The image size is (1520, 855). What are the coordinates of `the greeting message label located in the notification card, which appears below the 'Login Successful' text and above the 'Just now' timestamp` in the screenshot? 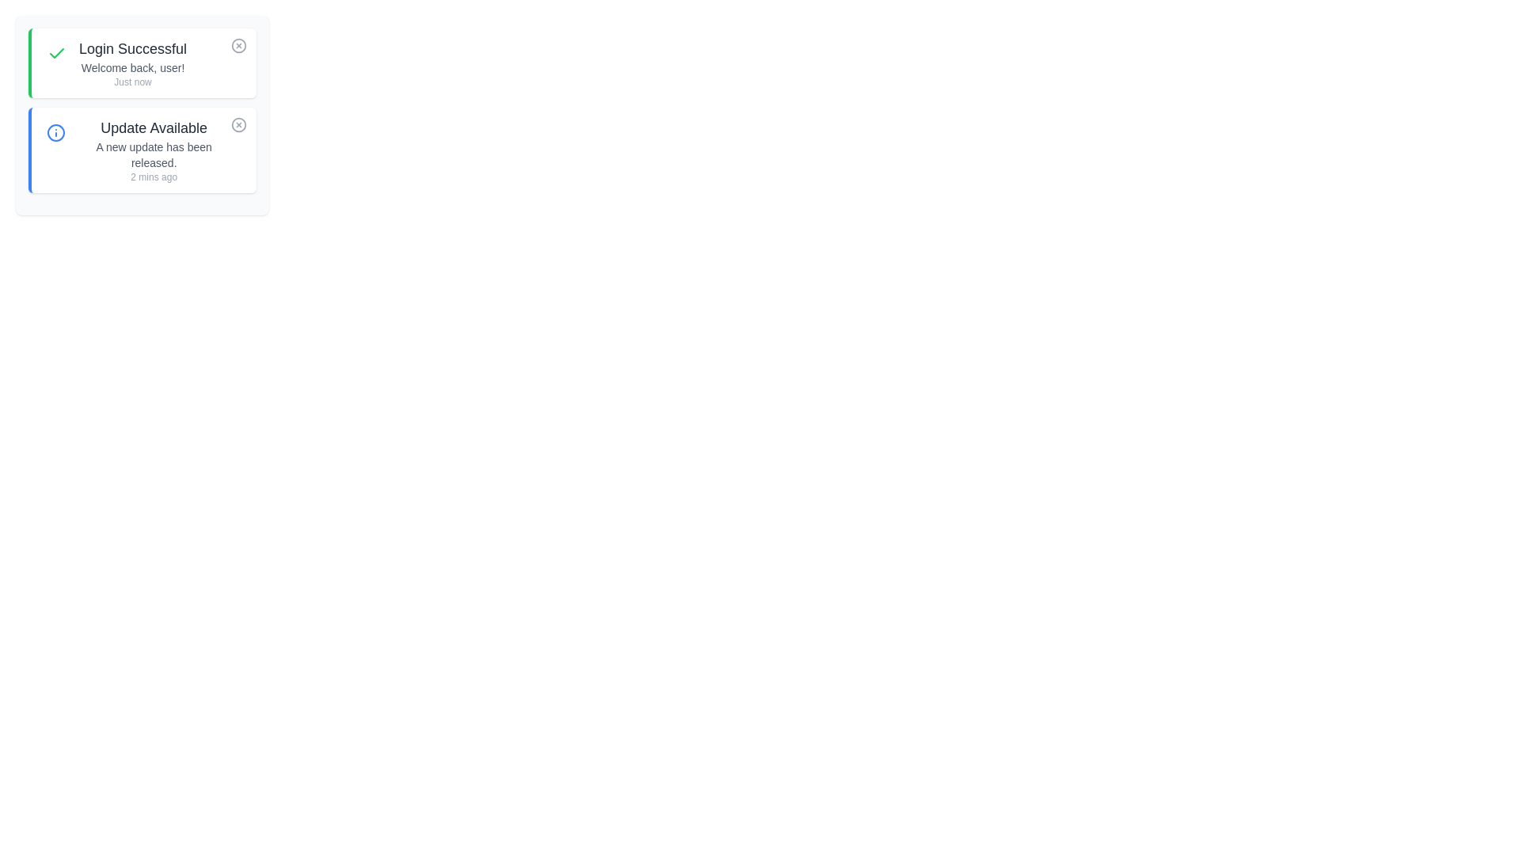 It's located at (133, 66).